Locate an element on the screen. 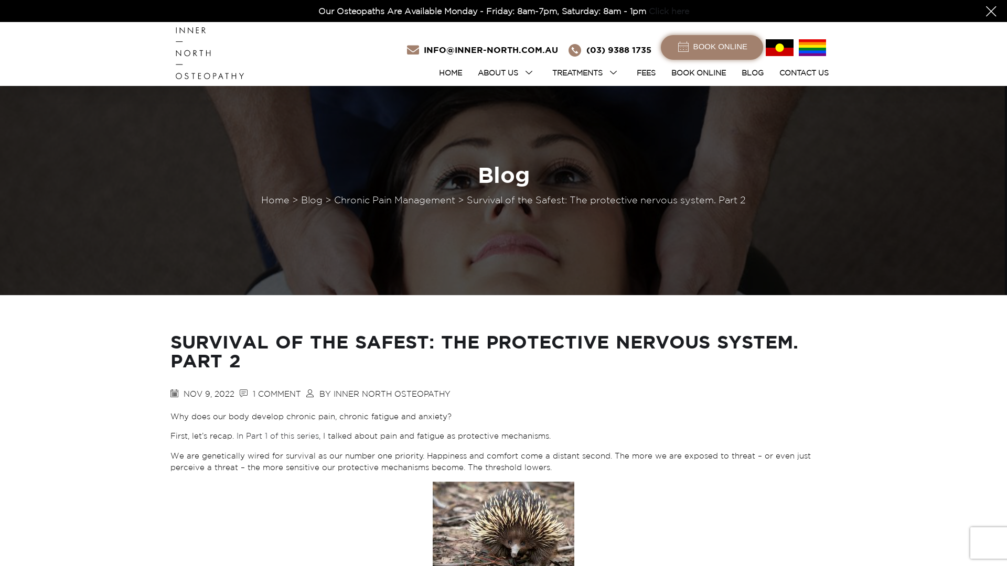 This screenshot has height=566, width=1007. 'BOOK ONLINE' is located at coordinates (698, 72).